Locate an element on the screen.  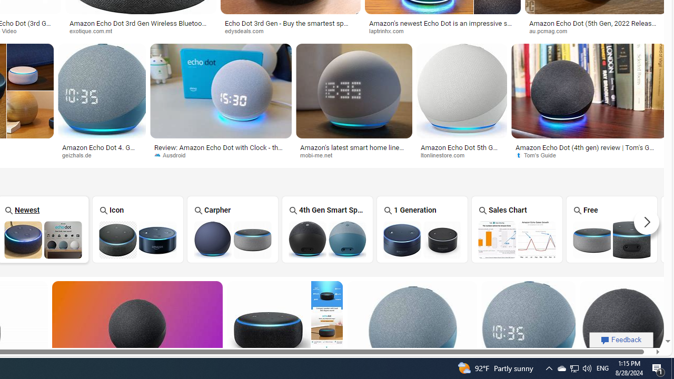
'Amazon Echo Dot Carpher Carpher' is located at coordinates (232, 228).